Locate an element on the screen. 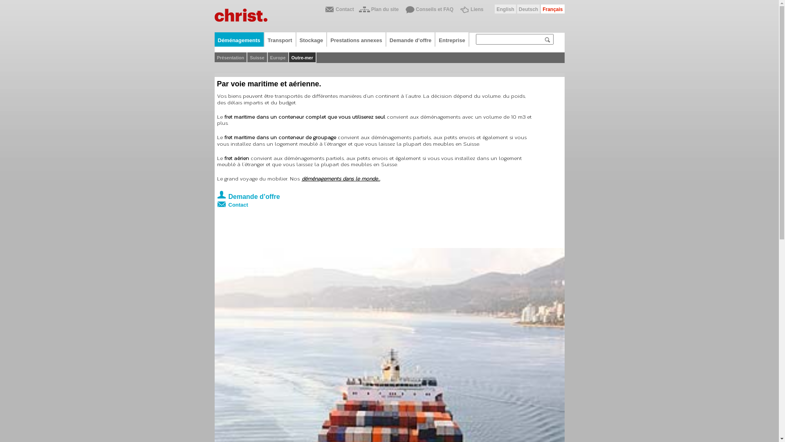 This screenshot has width=785, height=442. 'Contact' is located at coordinates (339, 11).